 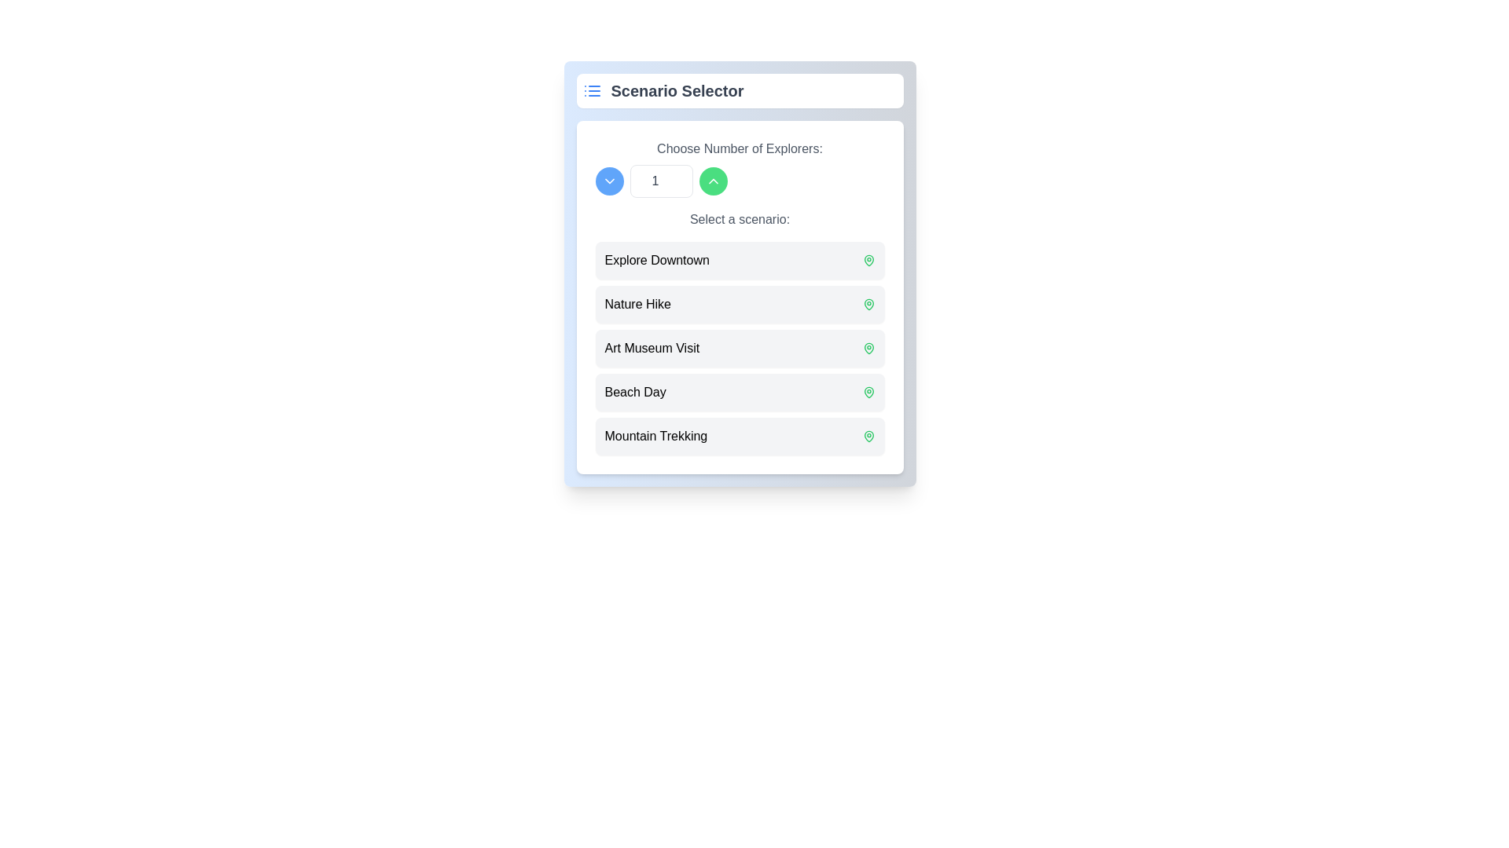 I want to click on the 'Mountain Trekking' list item in the 'Scenario Selector' section, which is indicated by the icon on the far right, so click(x=868, y=436).